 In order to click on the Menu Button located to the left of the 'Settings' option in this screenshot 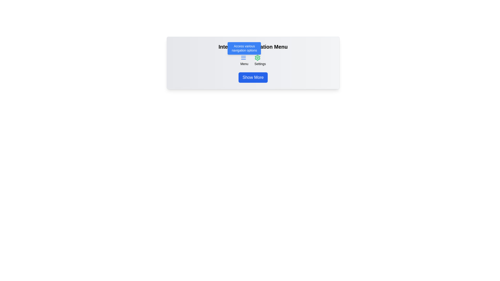, I will do `click(244, 60)`.